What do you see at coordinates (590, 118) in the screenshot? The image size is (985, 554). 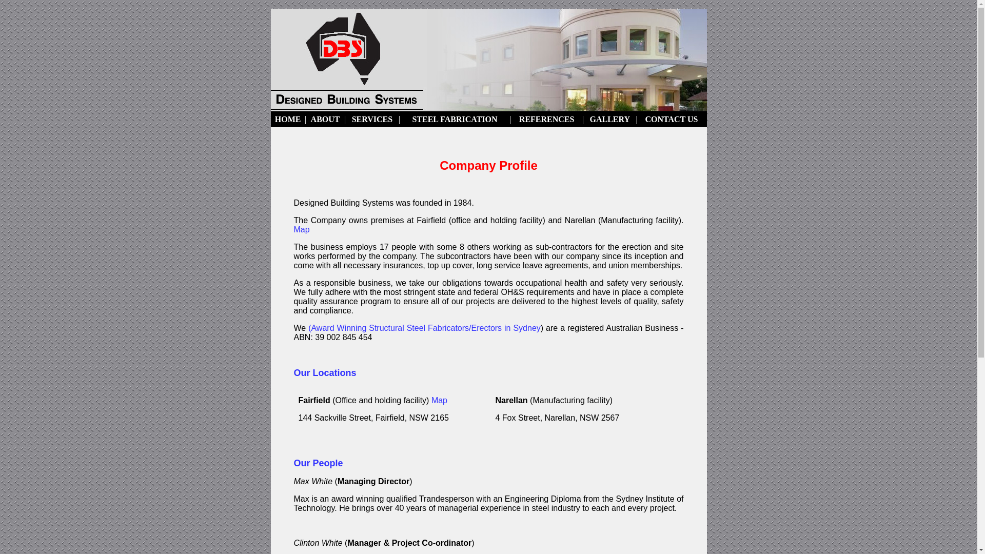 I see `'GALLERY'` at bounding box center [590, 118].